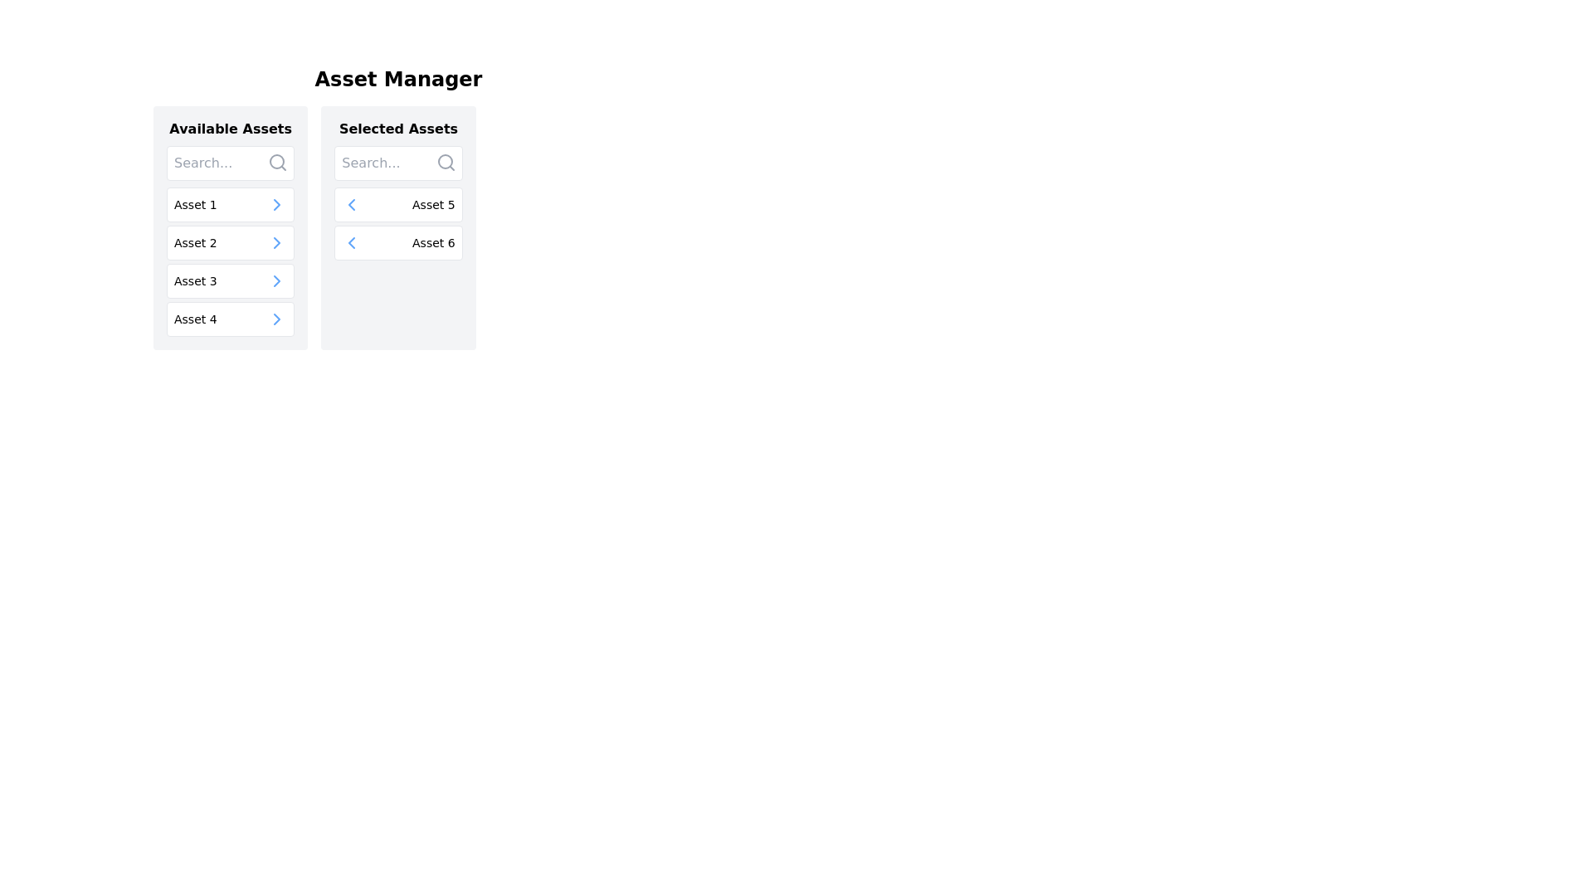 The image size is (1593, 896). I want to click on the navigation icon button located in the 'Selected Assets' panel next to 'Asset 6', so click(351, 203).